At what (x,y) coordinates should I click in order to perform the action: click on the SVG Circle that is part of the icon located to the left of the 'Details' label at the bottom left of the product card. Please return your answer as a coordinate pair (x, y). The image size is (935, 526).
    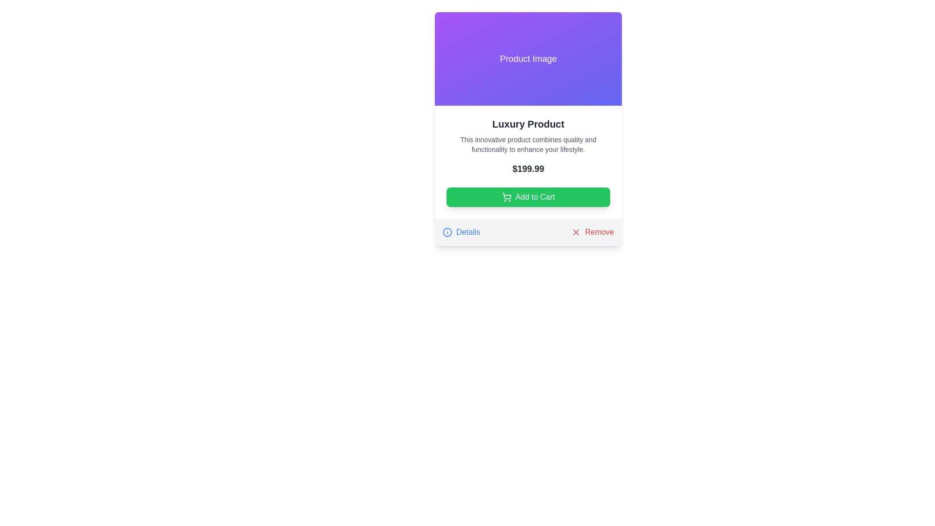
    Looking at the image, I should click on (447, 232).